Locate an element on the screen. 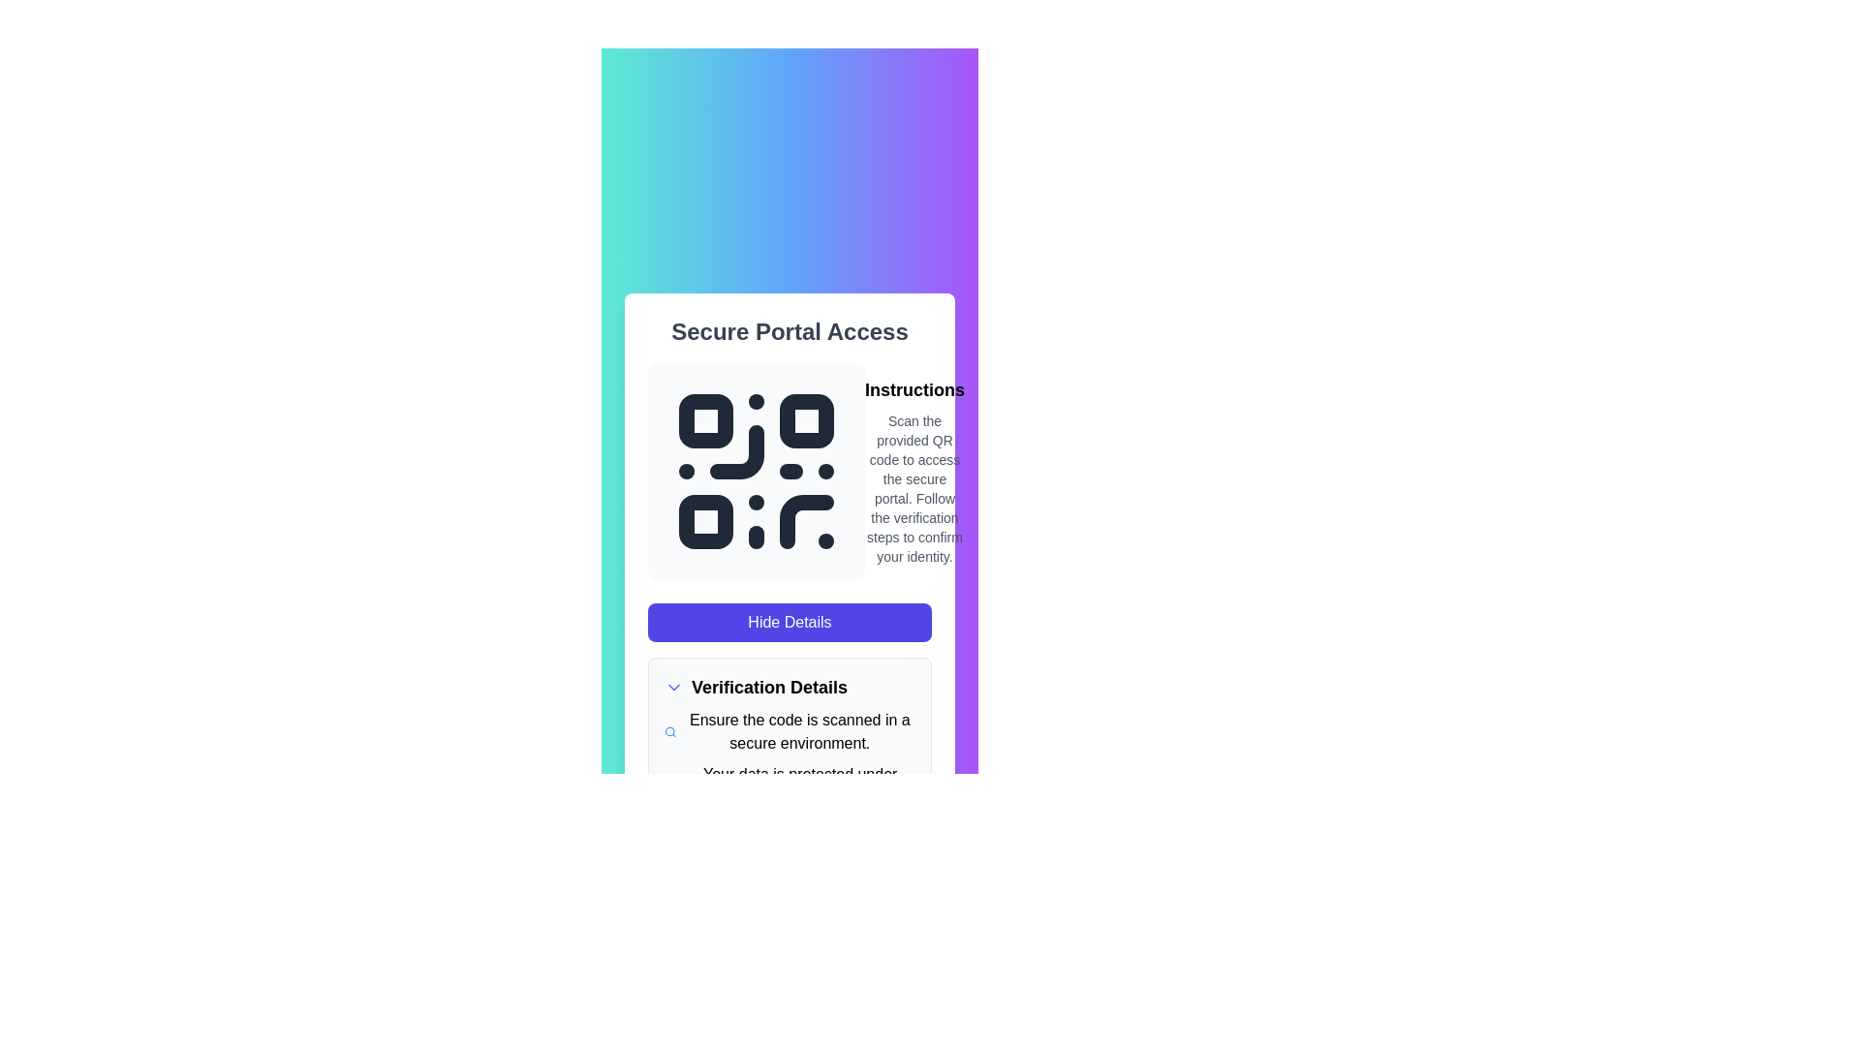 Image resolution: width=1860 pixels, height=1046 pixels. the Visual QR code component, which is a small rectangular block with rounded corners, filled with a solid white color and surrounded by a dark border, located in the 'Secure Portal Access' module at the top-left corner of the QR code block is located at coordinates (705, 420).